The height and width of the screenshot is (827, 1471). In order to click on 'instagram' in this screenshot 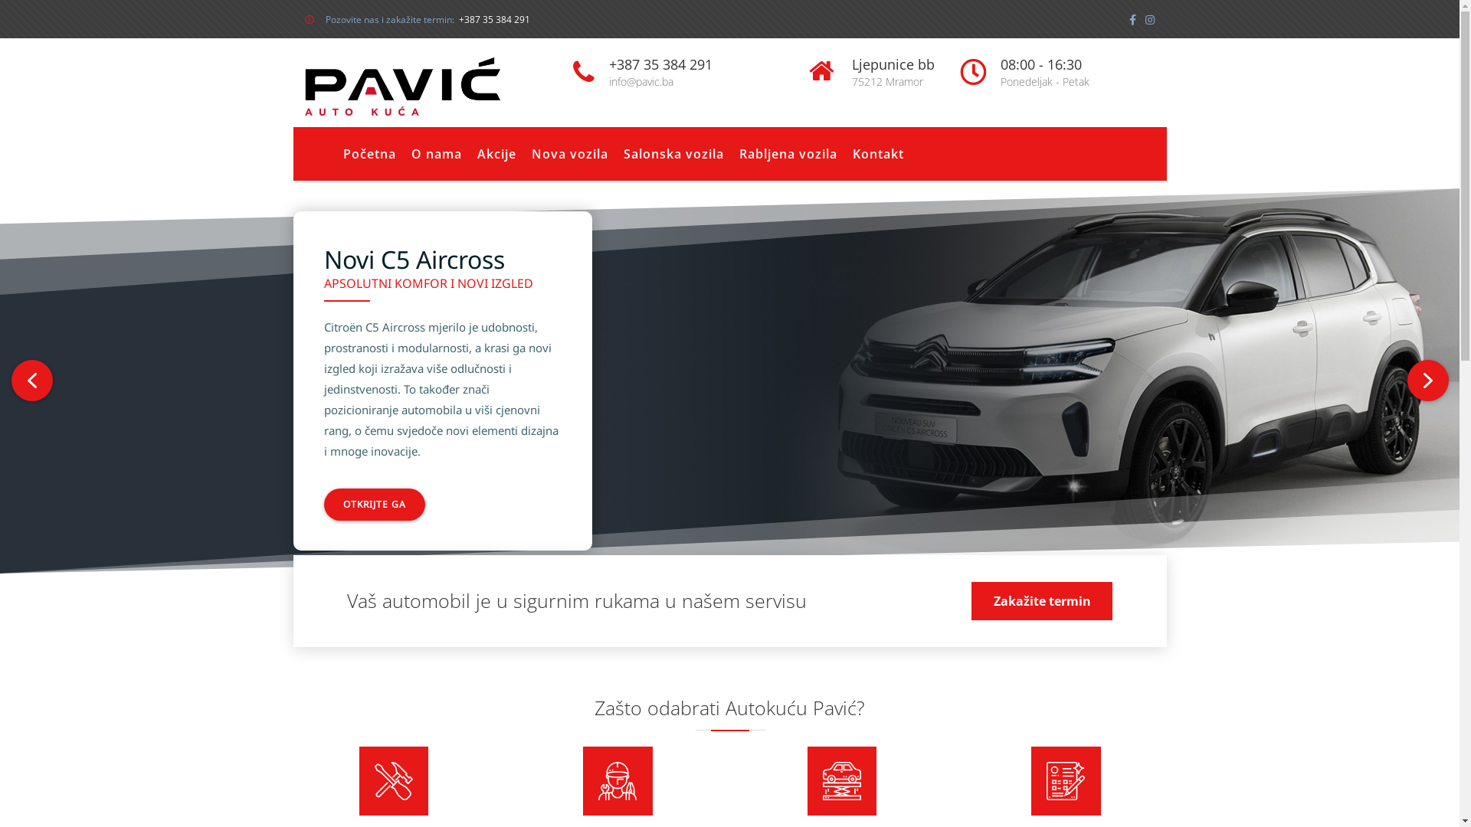, I will do `click(1150, 20)`.